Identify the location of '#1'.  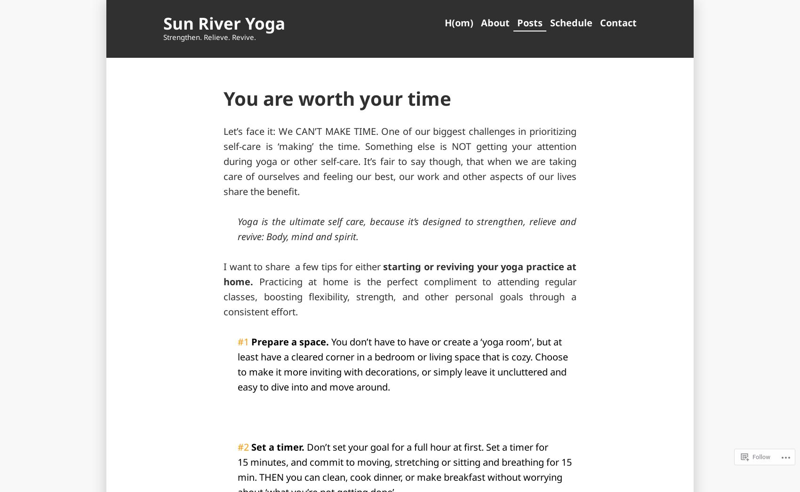
(244, 342).